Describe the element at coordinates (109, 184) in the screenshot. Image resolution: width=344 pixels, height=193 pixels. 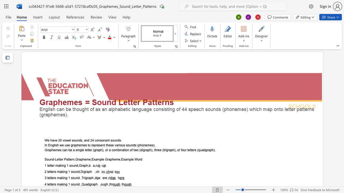
I see `the 3th character "," in the text` at that location.